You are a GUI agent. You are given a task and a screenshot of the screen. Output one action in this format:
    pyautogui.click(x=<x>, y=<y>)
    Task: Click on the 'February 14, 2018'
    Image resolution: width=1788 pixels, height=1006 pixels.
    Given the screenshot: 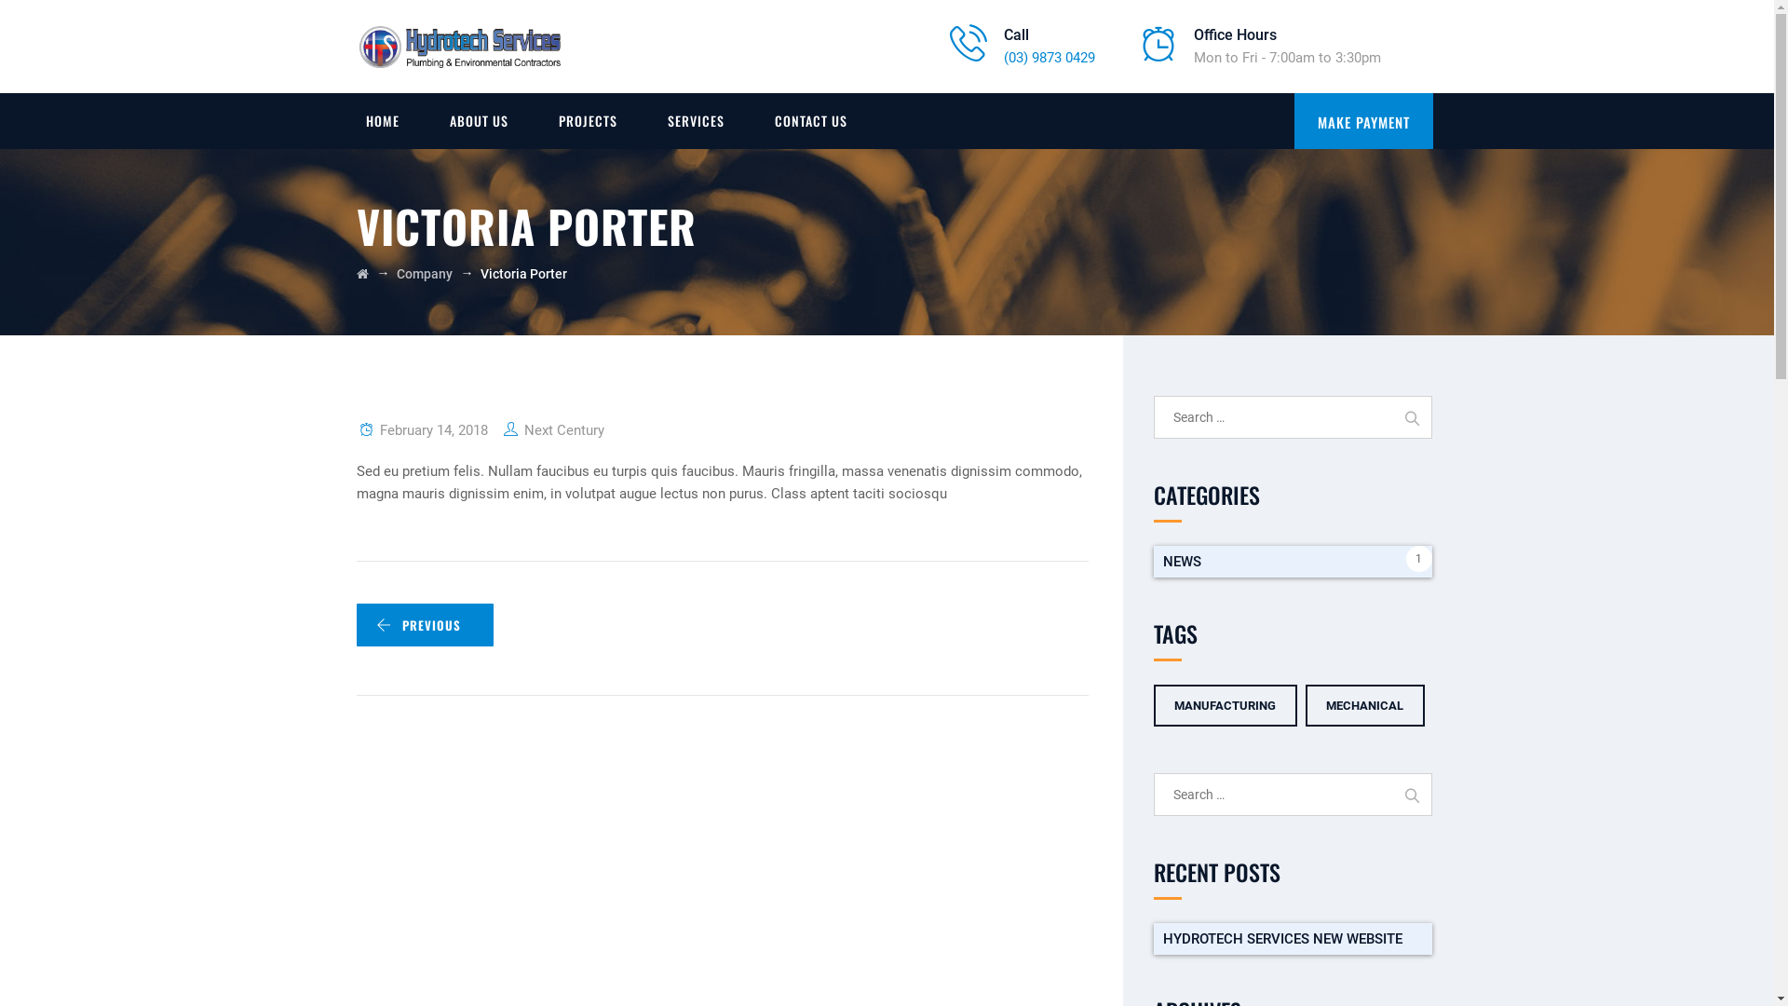 What is the action you would take?
    pyautogui.click(x=435, y=430)
    